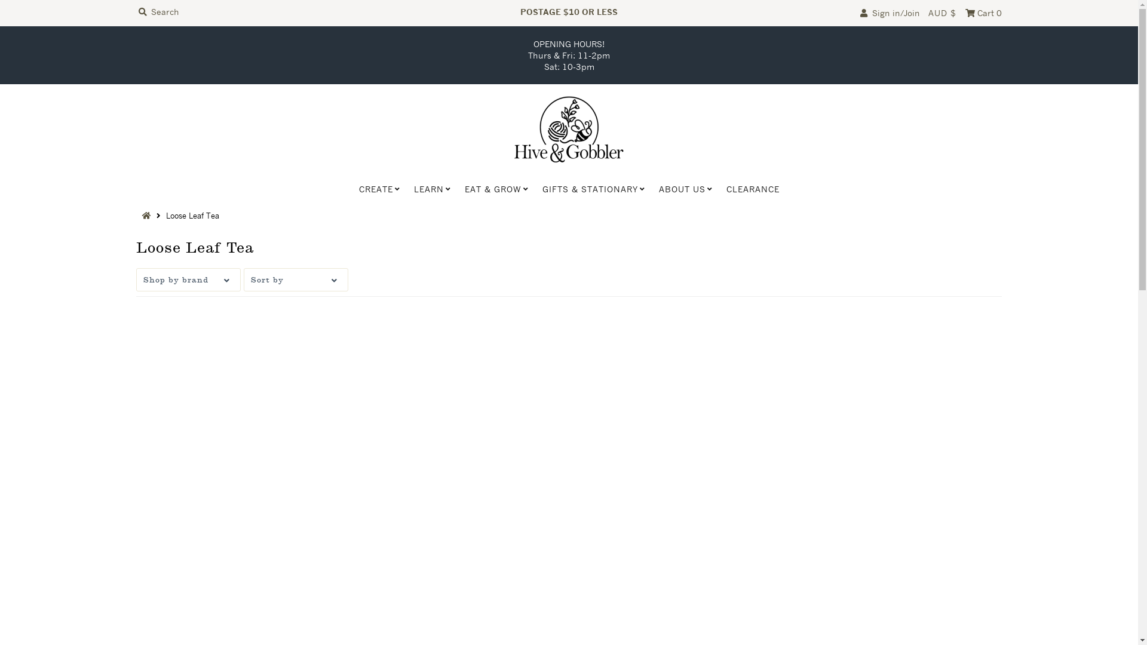 Image resolution: width=1147 pixels, height=645 pixels. Describe the element at coordinates (375, 188) in the screenshot. I see `'CREATE'` at that location.